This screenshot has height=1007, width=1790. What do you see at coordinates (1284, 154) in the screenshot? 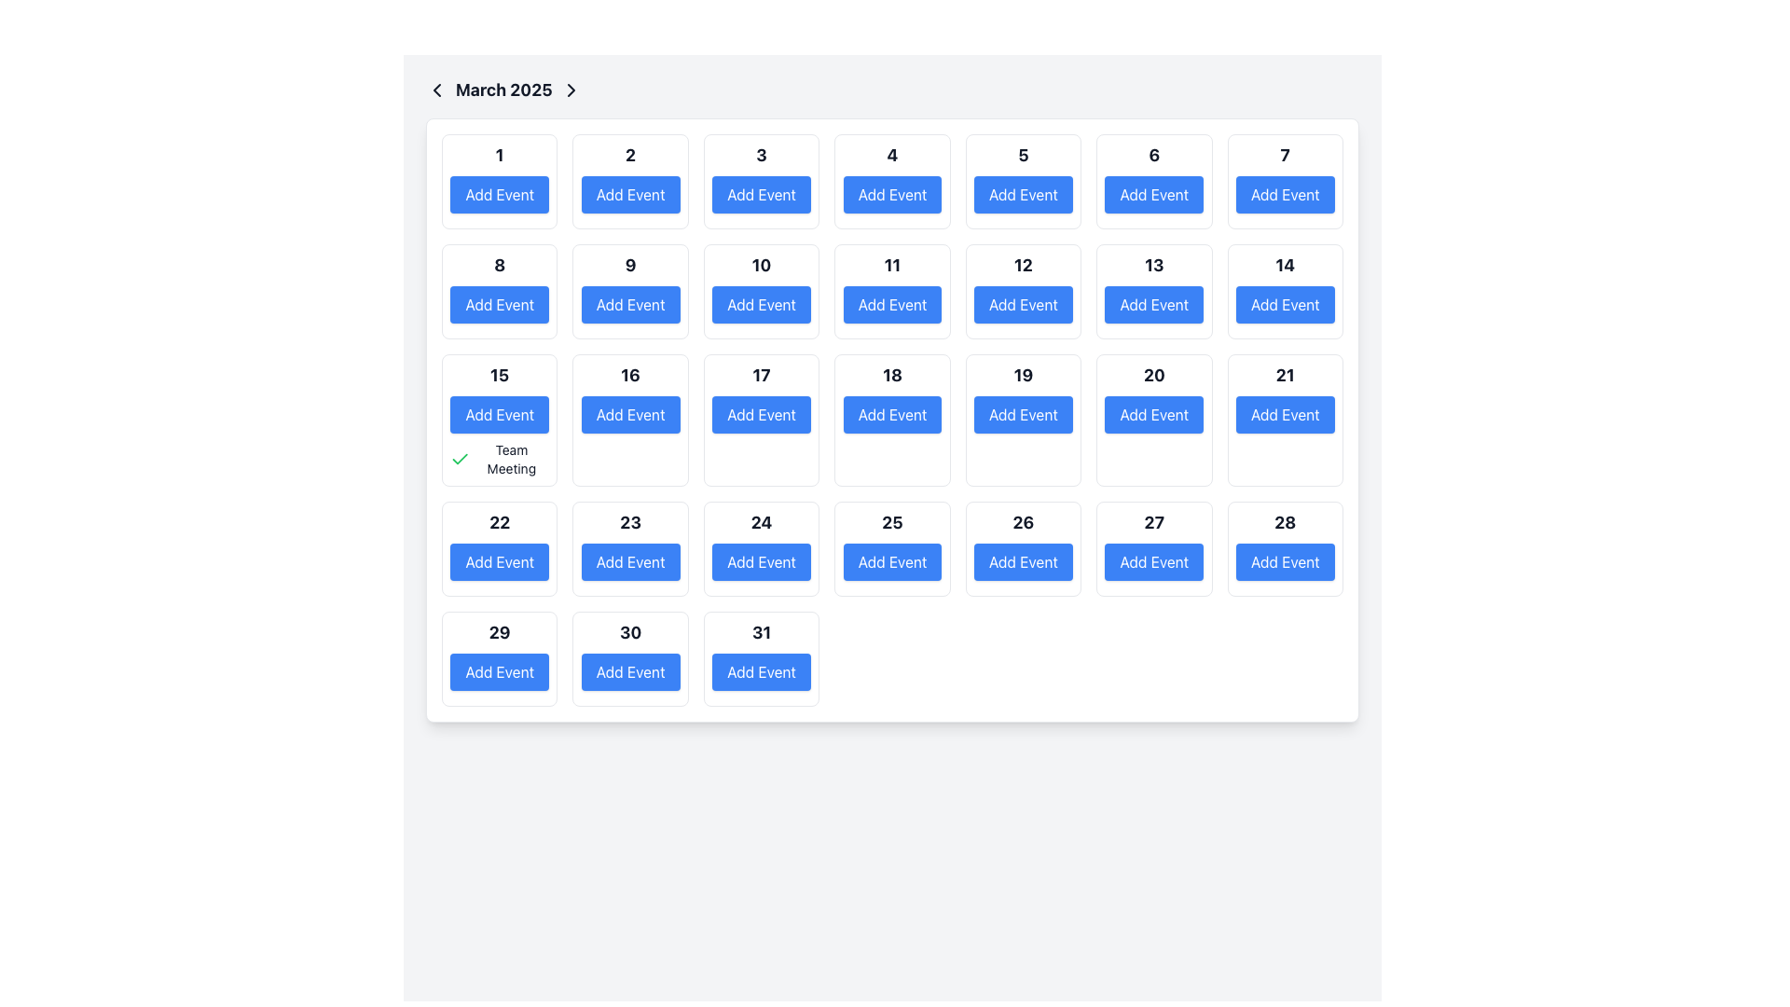
I see `text label indicating the 7th day of the month in the calendar grid, located at the top-right card above the 'Add Event' button` at bounding box center [1284, 154].